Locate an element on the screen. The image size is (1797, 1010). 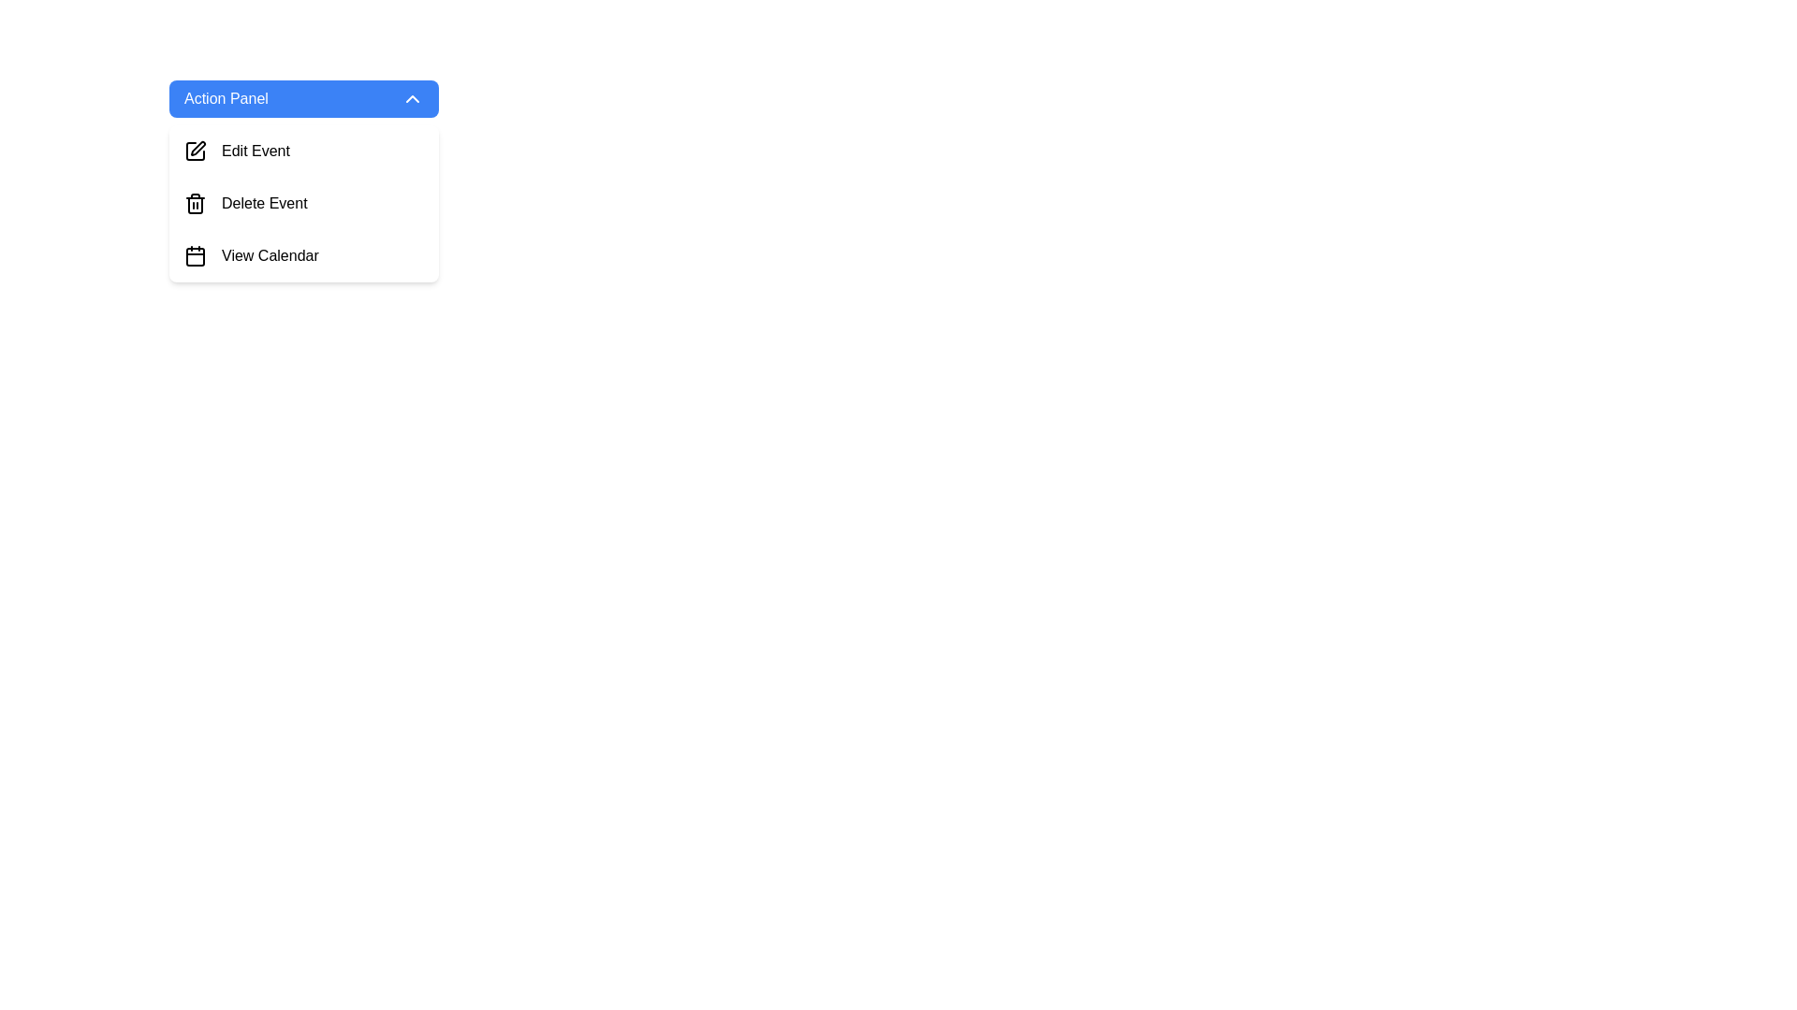
the 'Delete Event' button, which features a trash can icon and changes to a gray background when hovered over is located at coordinates (304, 204).